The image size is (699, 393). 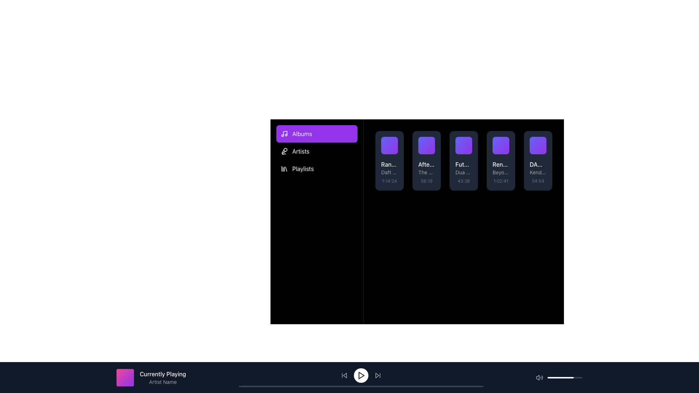 What do you see at coordinates (468, 141) in the screenshot?
I see `the heart-shaped like icon within the third album card titled 'Future Nostalgia' by Dua Lipa` at bounding box center [468, 141].